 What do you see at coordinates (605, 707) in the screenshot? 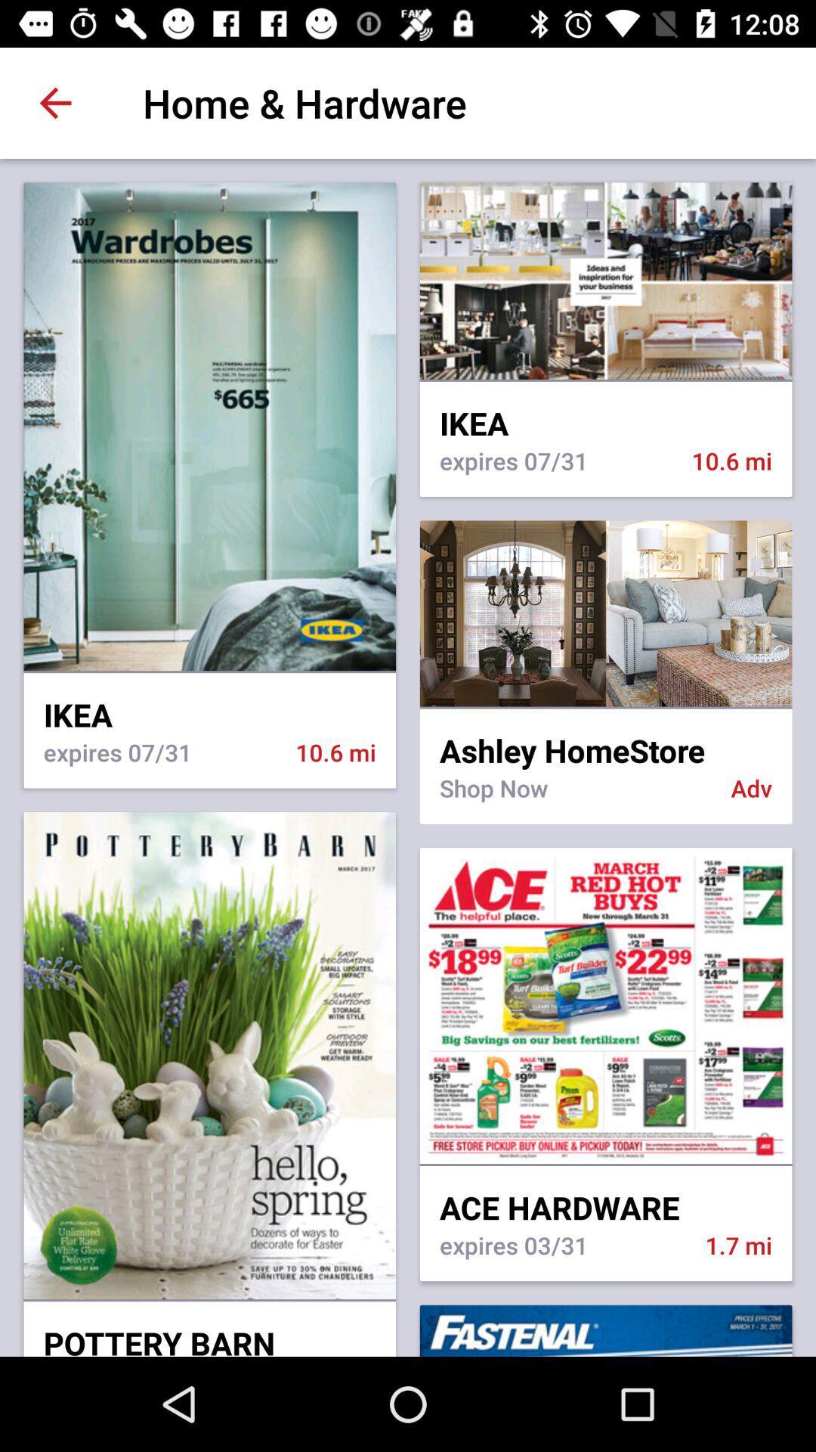
I see `the item above ashley homestore item` at bounding box center [605, 707].